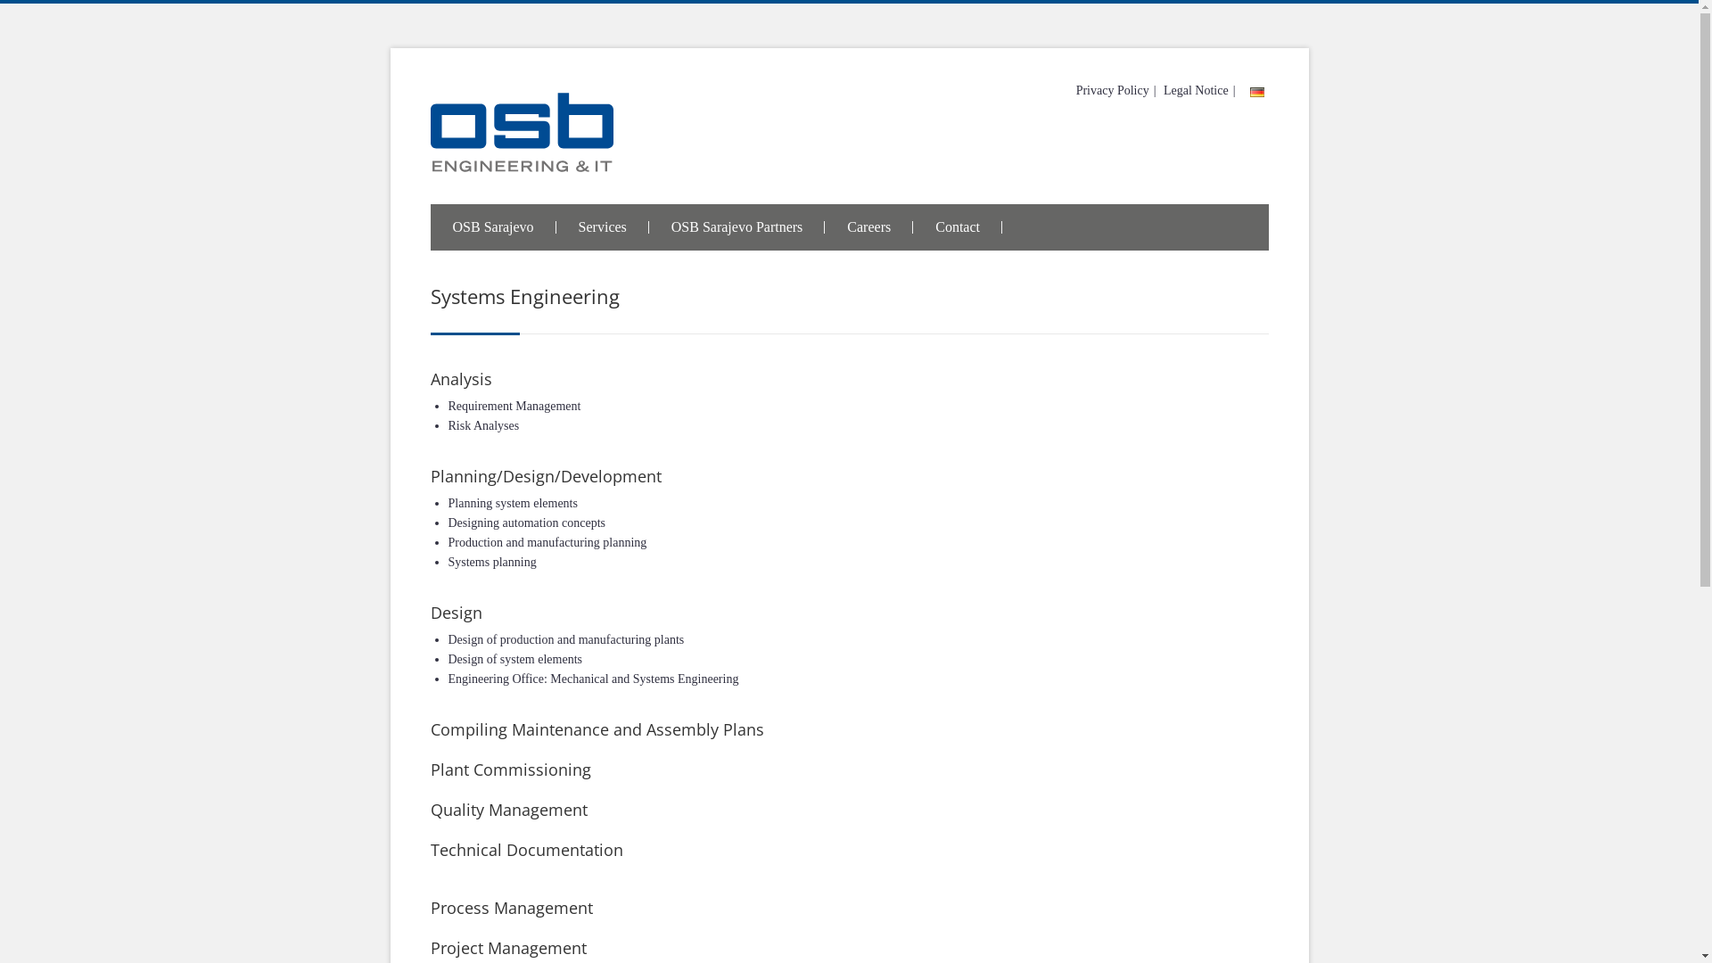  What do you see at coordinates (1112, 90) in the screenshot?
I see `'Privacy Policy'` at bounding box center [1112, 90].